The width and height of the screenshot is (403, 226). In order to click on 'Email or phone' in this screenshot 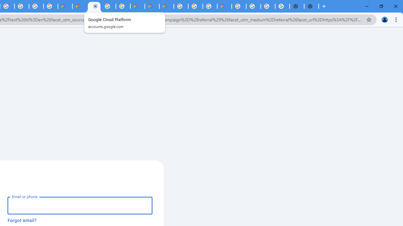, I will do `click(80, 205)`.